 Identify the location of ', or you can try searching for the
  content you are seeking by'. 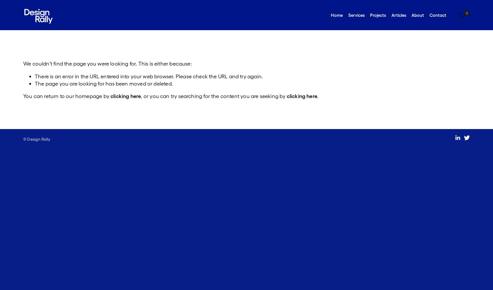
(213, 95).